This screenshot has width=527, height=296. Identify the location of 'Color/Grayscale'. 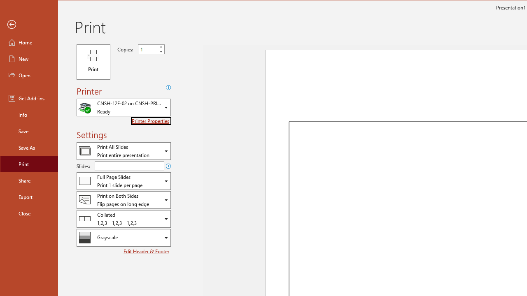
(123, 238).